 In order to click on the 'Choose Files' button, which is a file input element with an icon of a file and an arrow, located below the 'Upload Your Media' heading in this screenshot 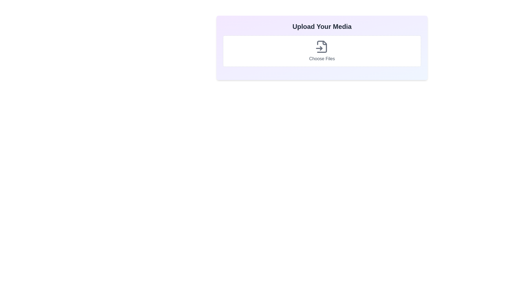, I will do `click(322, 51)`.